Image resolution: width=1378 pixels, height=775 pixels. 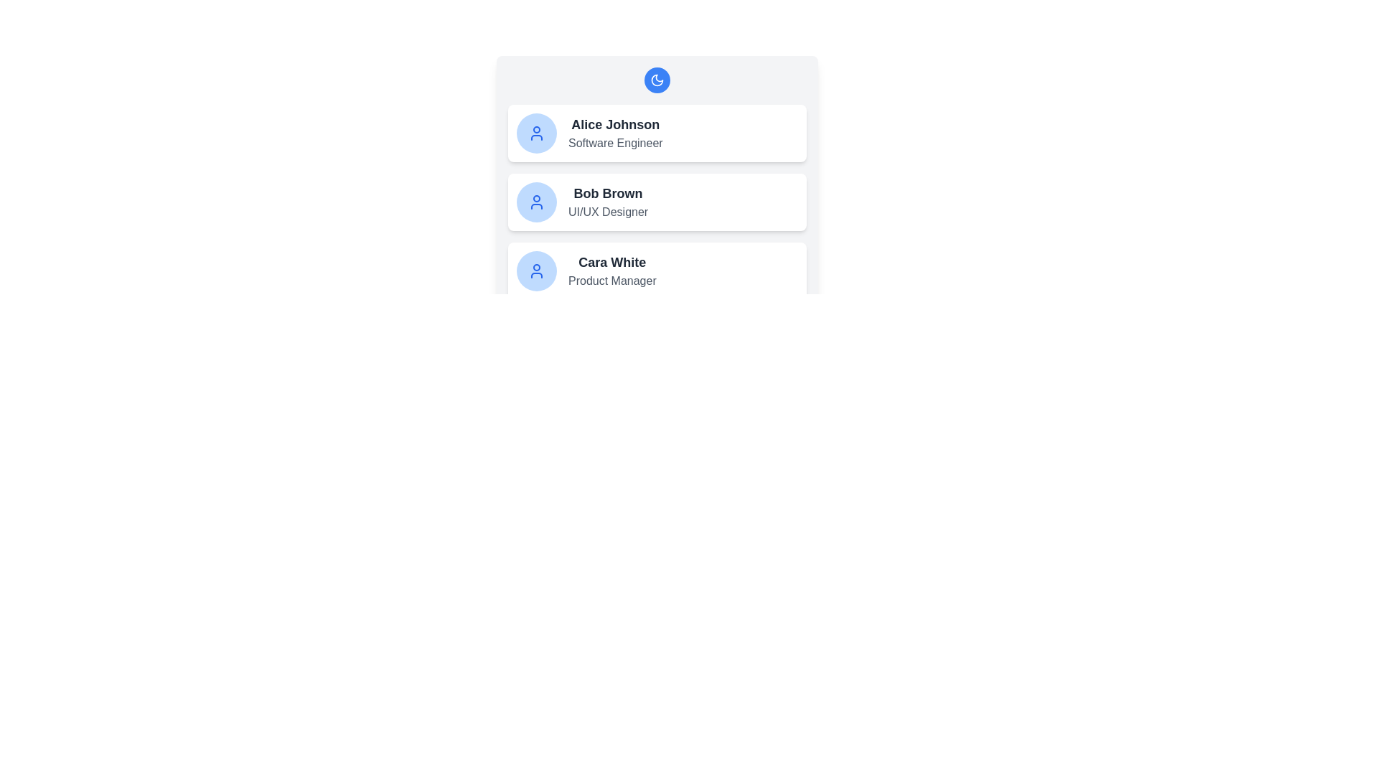 What do you see at coordinates (536, 202) in the screenshot?
I see `the Avatar icon representing 'Bob Brown', located as the top-left component of the second card in a vertical stack of cards` at bounding box center [536, 202].